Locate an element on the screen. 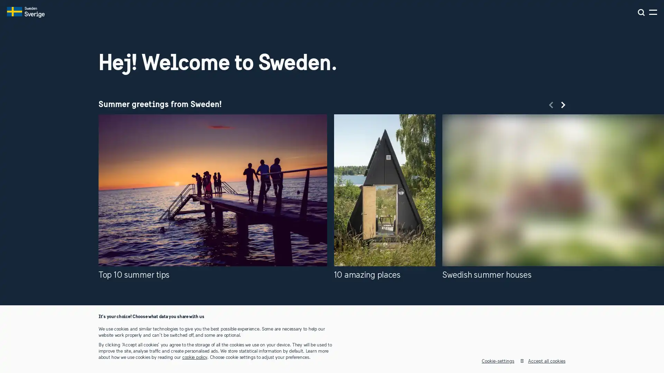  Cookie-settings is located at coordinates (498, 361).